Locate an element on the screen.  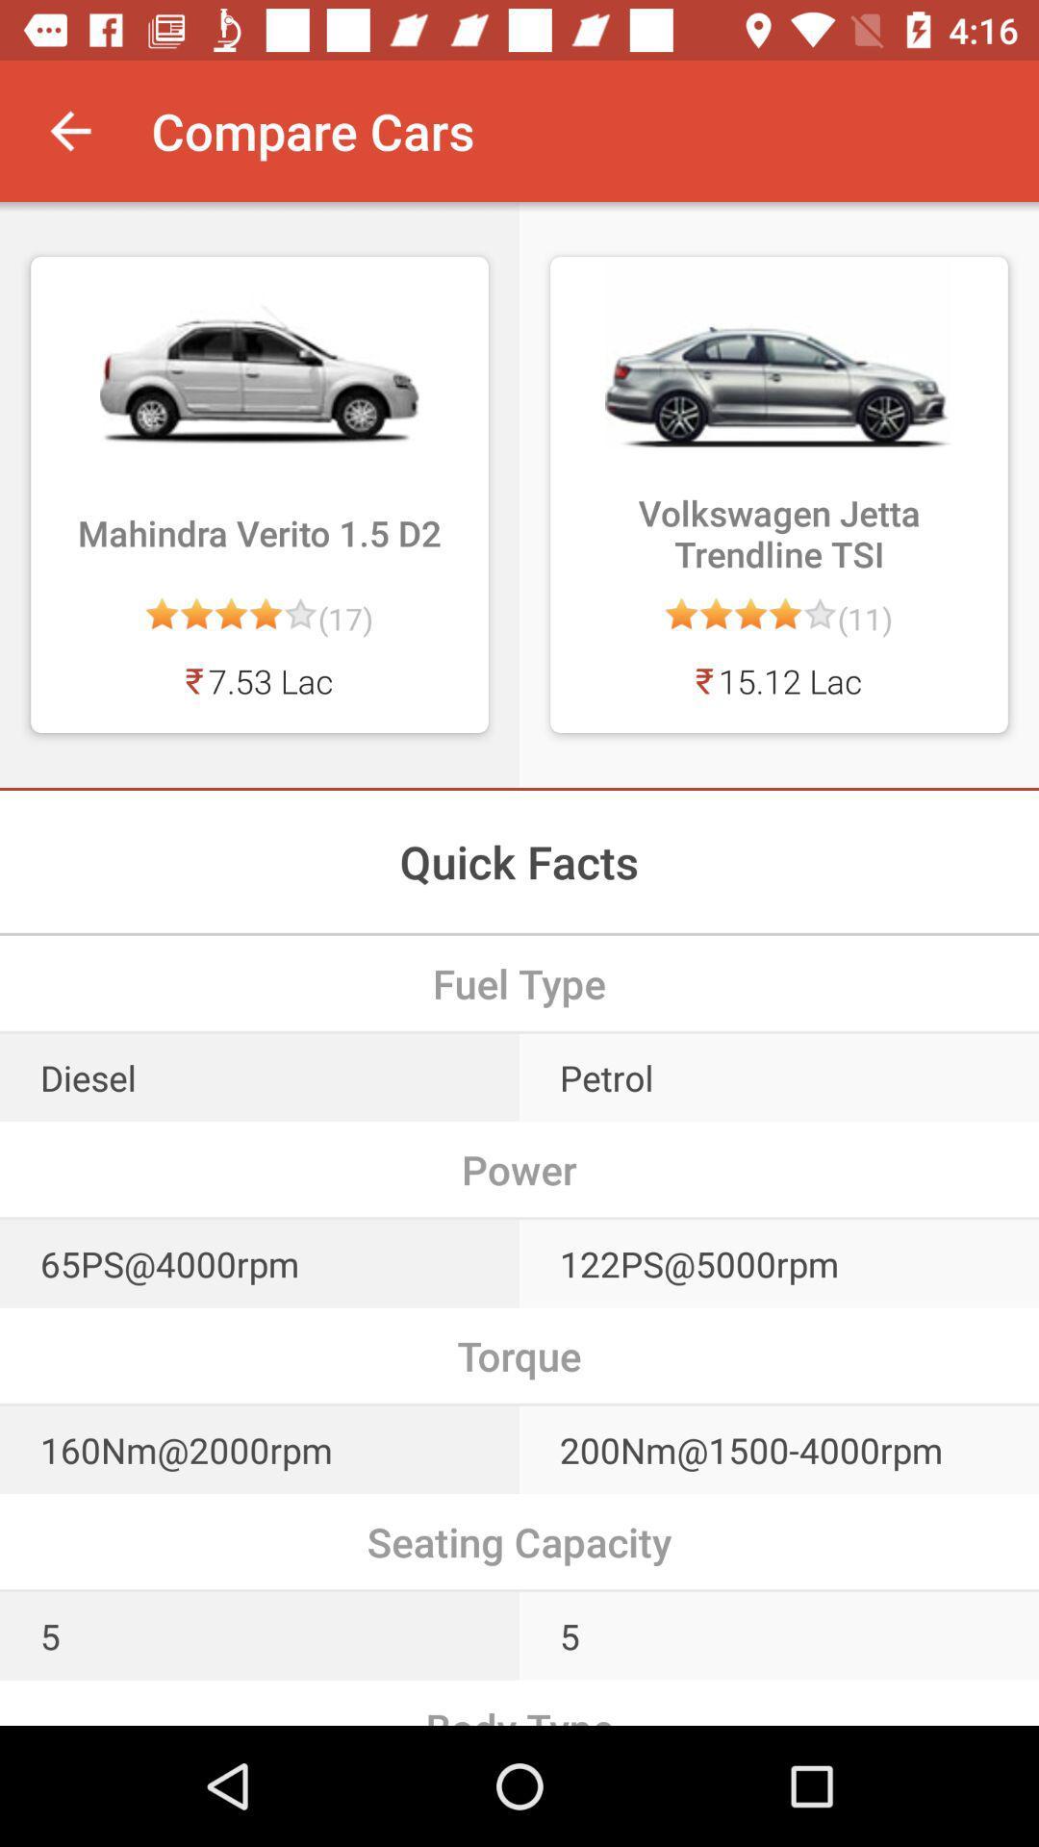
icon next to compare cars app is located at coordinates (69, 130).